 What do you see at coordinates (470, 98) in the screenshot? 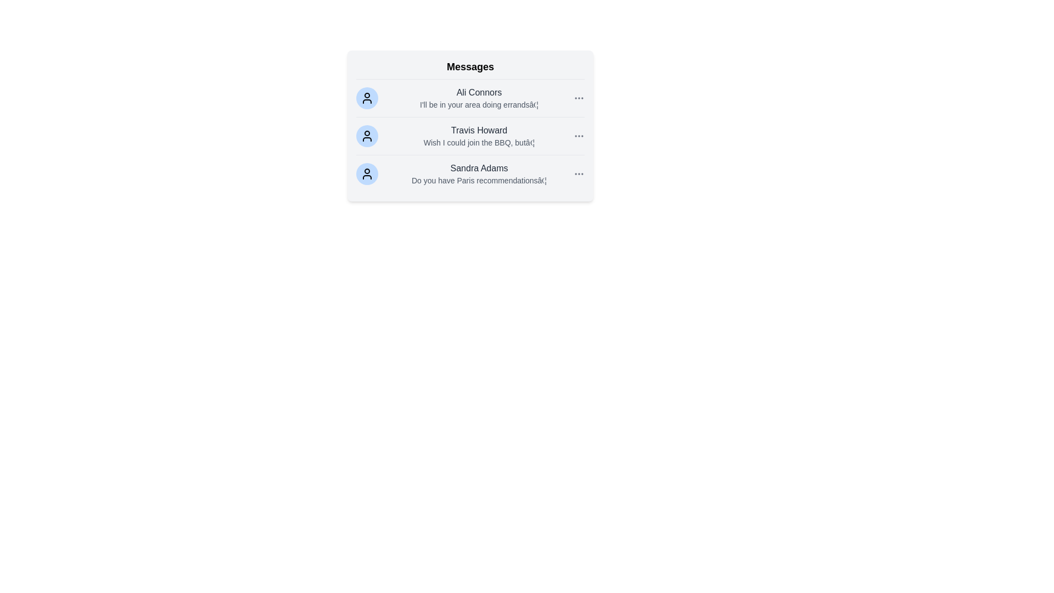
I see `the first message item in the list, which includes the user avatar, the title 'Ali Connors', and the subtitle 'I'll be in your area doing errands…'` at bounding box center [470, 98].